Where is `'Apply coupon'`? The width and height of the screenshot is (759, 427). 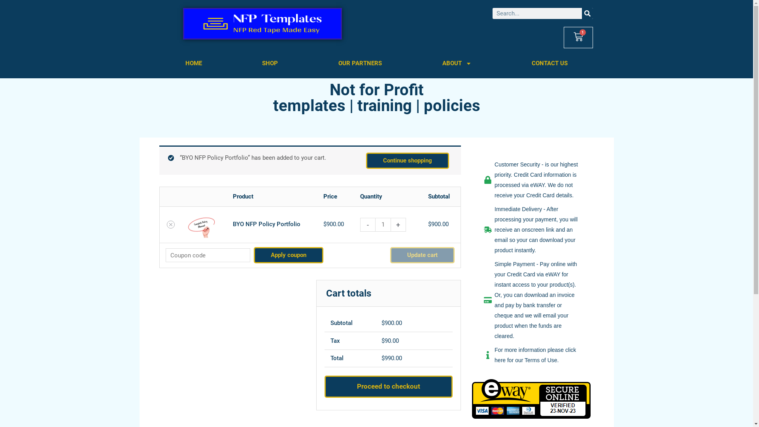 'Apply coupon' is located at coordinates (288, 255).